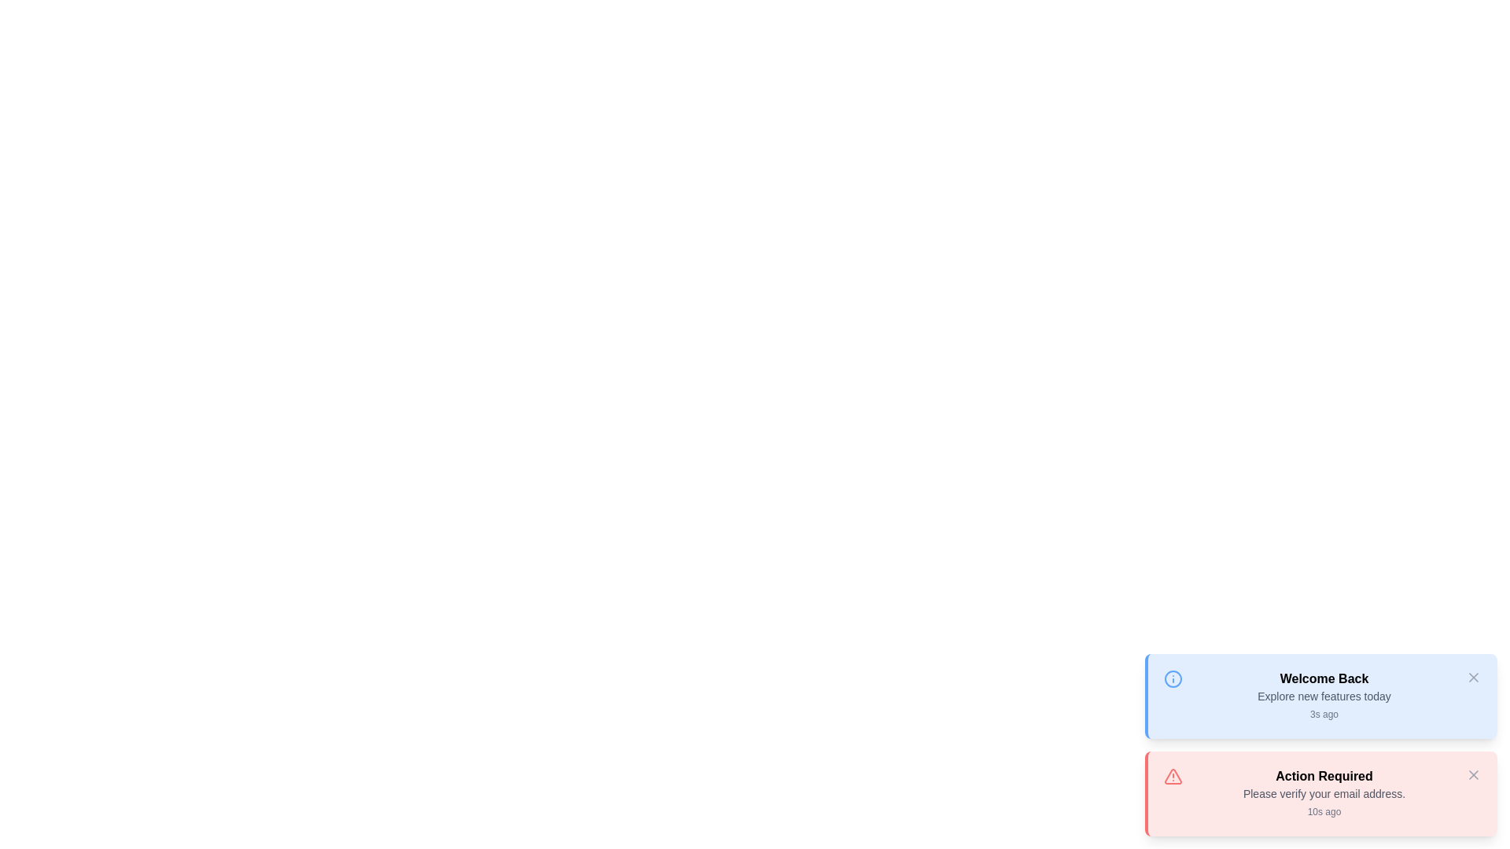  I want to click on the text of the message titled 'Welcome Back', so click(1324, 678).